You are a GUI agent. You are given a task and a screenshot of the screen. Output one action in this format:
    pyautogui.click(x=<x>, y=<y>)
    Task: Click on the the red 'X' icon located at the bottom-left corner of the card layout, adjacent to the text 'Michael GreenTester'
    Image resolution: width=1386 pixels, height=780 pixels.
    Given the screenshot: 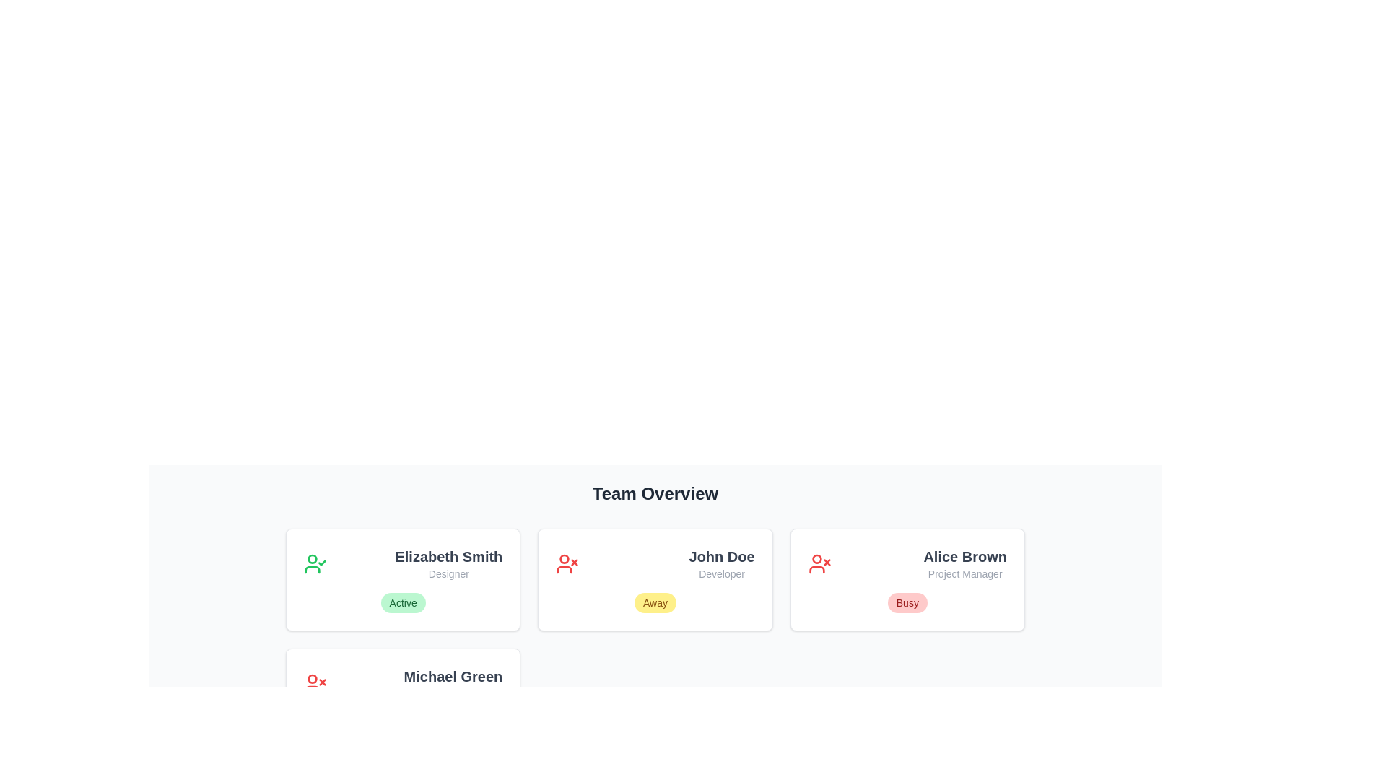 What is the action you would take?
    pyautogui.click(x=314, y=683)
    